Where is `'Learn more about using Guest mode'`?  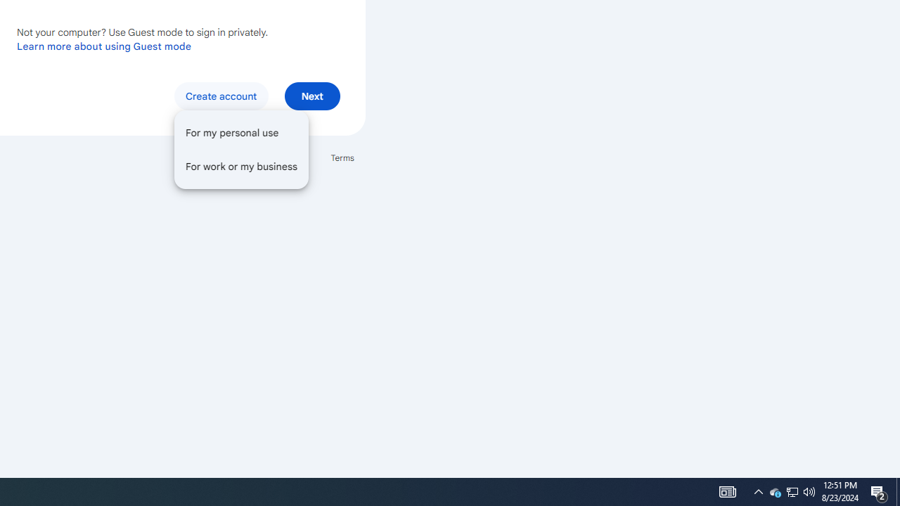 'Learn more about using Guest mode' is located at coordinates (103, 45).